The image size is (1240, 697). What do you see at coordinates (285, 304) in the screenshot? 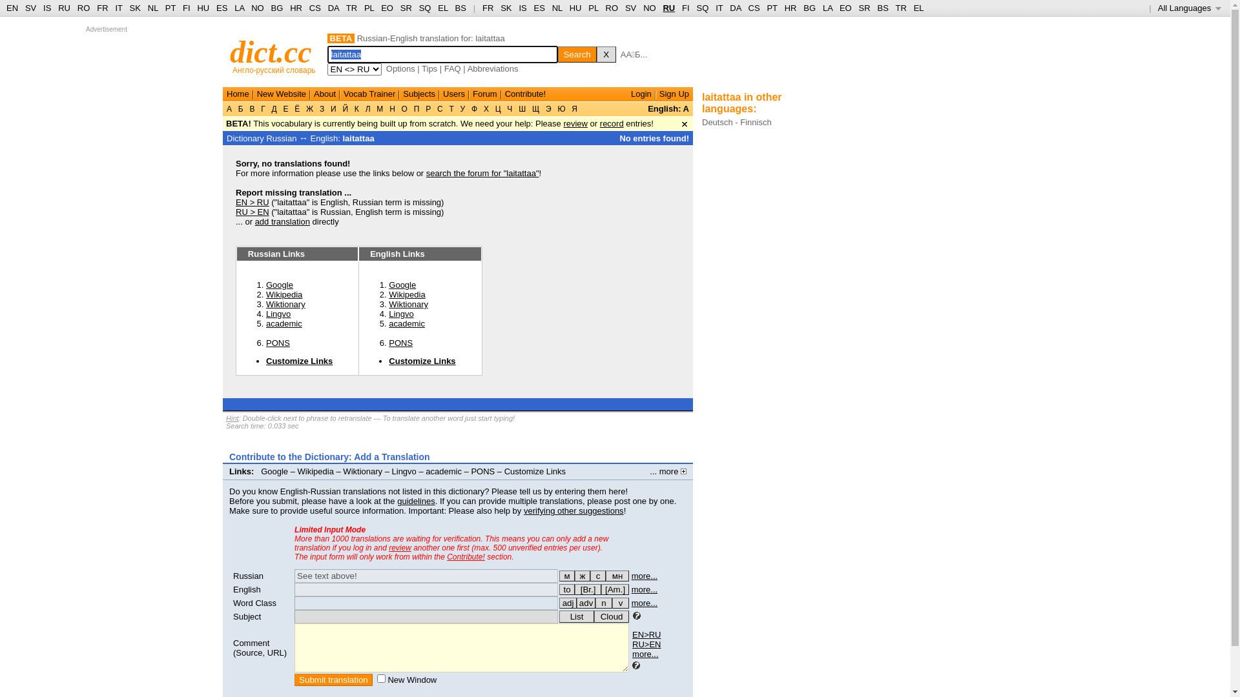
I see `'Wiktionary'` at bounding box center [285, 304].